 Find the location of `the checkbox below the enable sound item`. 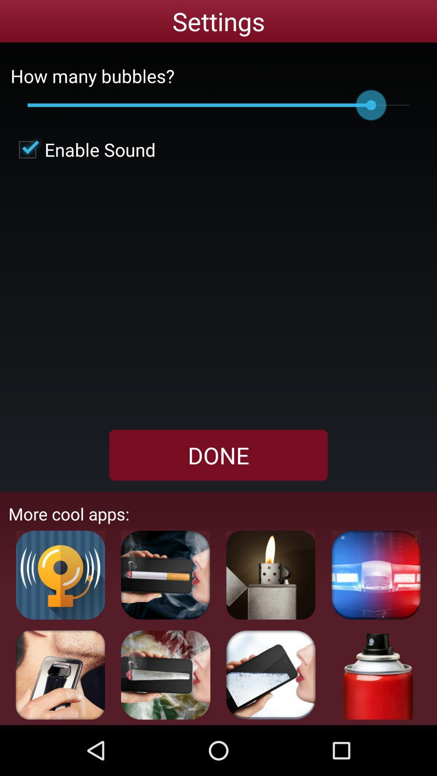

the checkbox below the enable sound item is located at coordinates (218, 455).